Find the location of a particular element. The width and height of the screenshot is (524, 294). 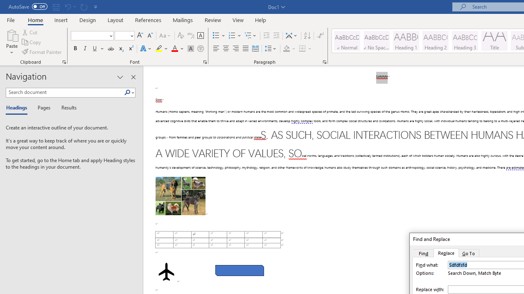

'Format Painter' is located at coordinates (42, 52).